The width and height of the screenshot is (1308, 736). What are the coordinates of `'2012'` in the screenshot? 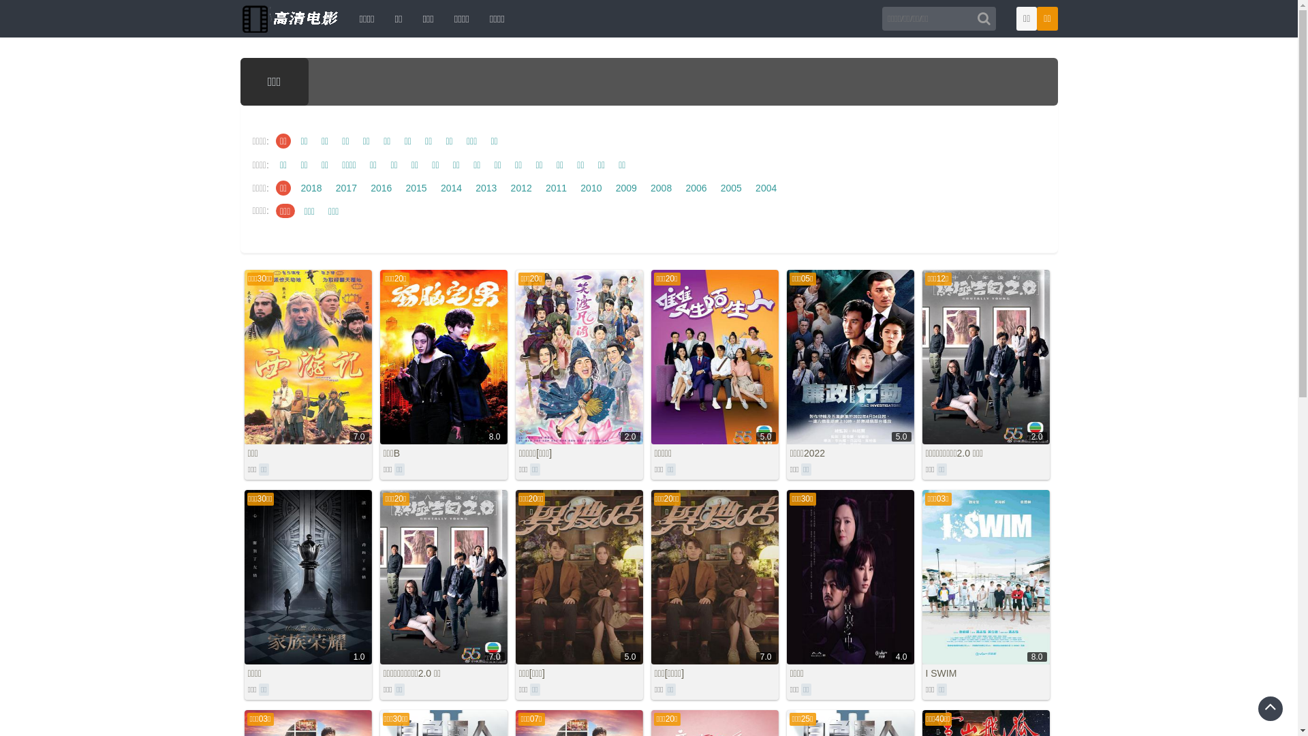 It's located at (520, 188).